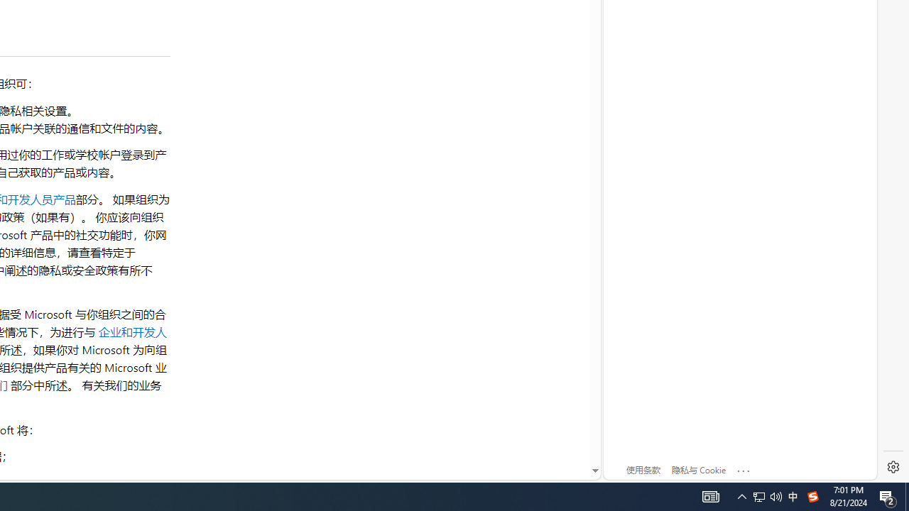  What do you see at coordinates (710, 495) in the screenshot?
I see `'AutomationID: 4105'` at bounding box center [710, 495].